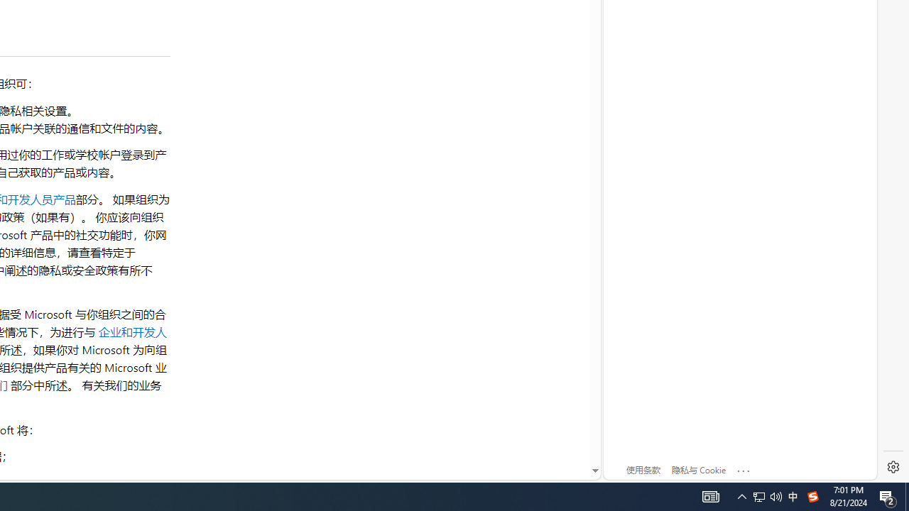  What do you see at coordinates (710, 495) in the screenshot?
I see `'AutomationID: 4105'` at bounding box center [710, 495].